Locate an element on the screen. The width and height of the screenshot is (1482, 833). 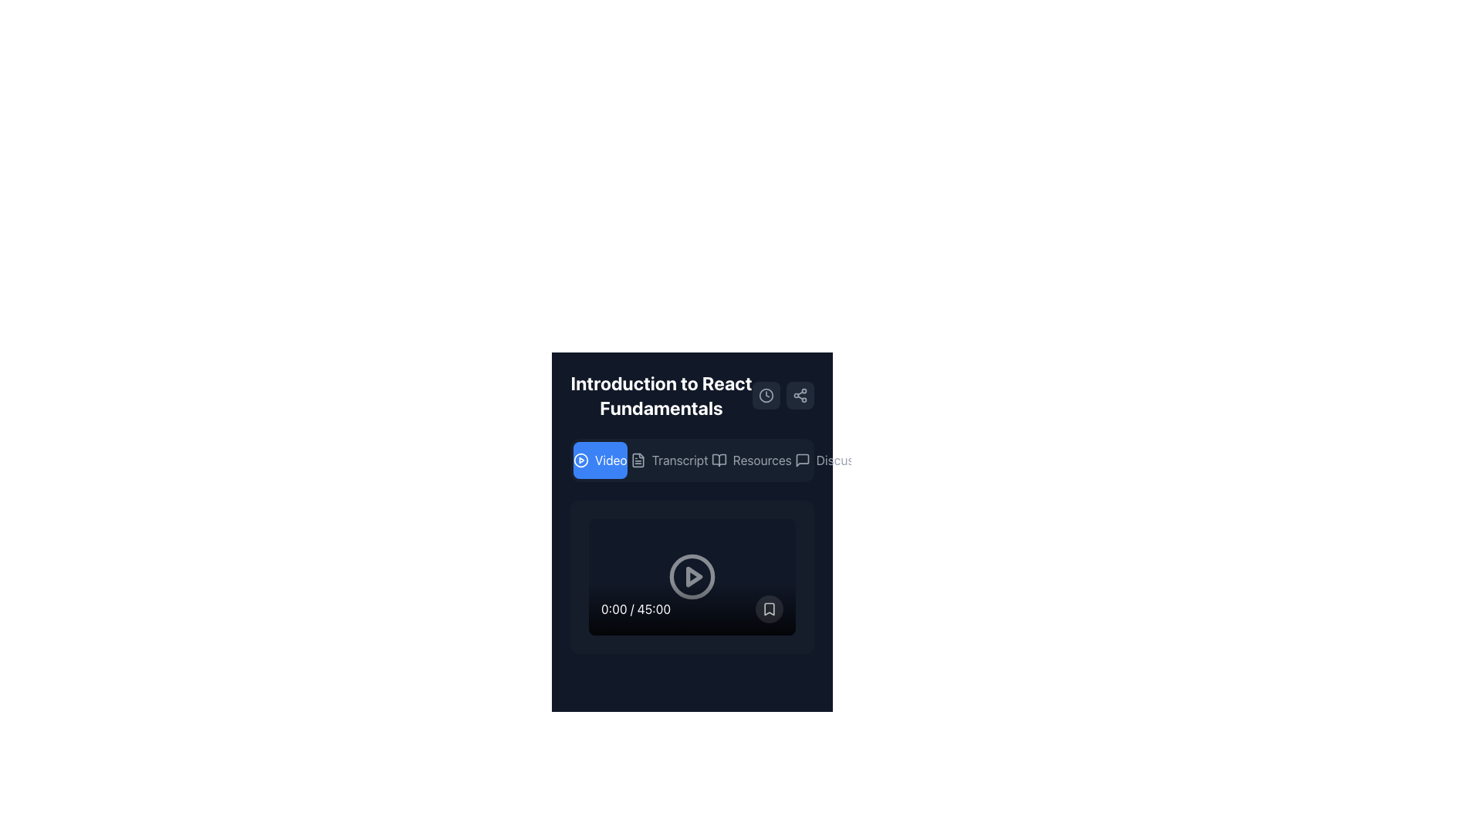
the sharing button located in the top-right section of the 'Introduction to React Fundamentals' panel is located at coordinates (800, 395).